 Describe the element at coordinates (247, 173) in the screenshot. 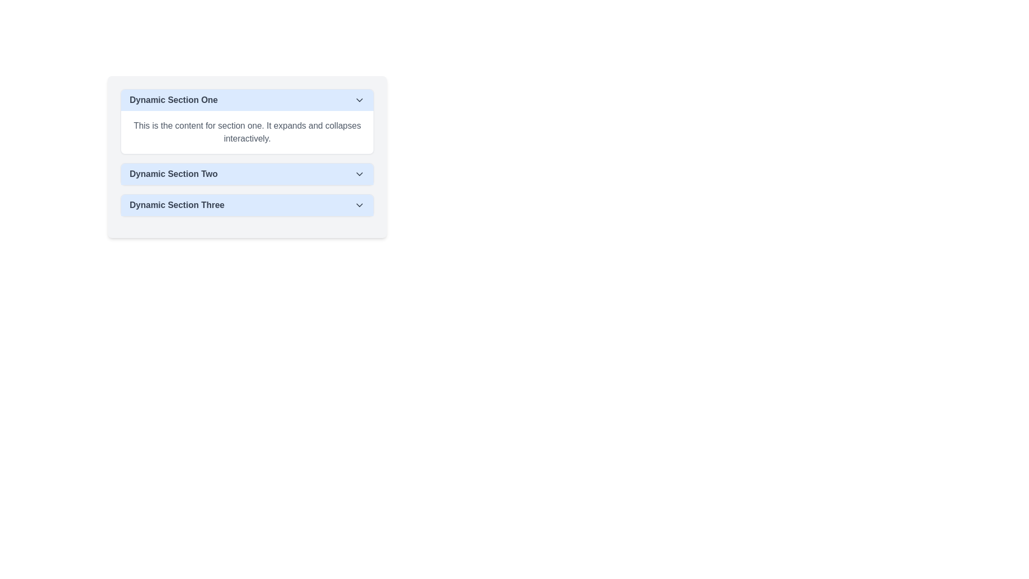

I see `the button labeled 'Dynamic Section Two' to trigger a background color change` at that location.